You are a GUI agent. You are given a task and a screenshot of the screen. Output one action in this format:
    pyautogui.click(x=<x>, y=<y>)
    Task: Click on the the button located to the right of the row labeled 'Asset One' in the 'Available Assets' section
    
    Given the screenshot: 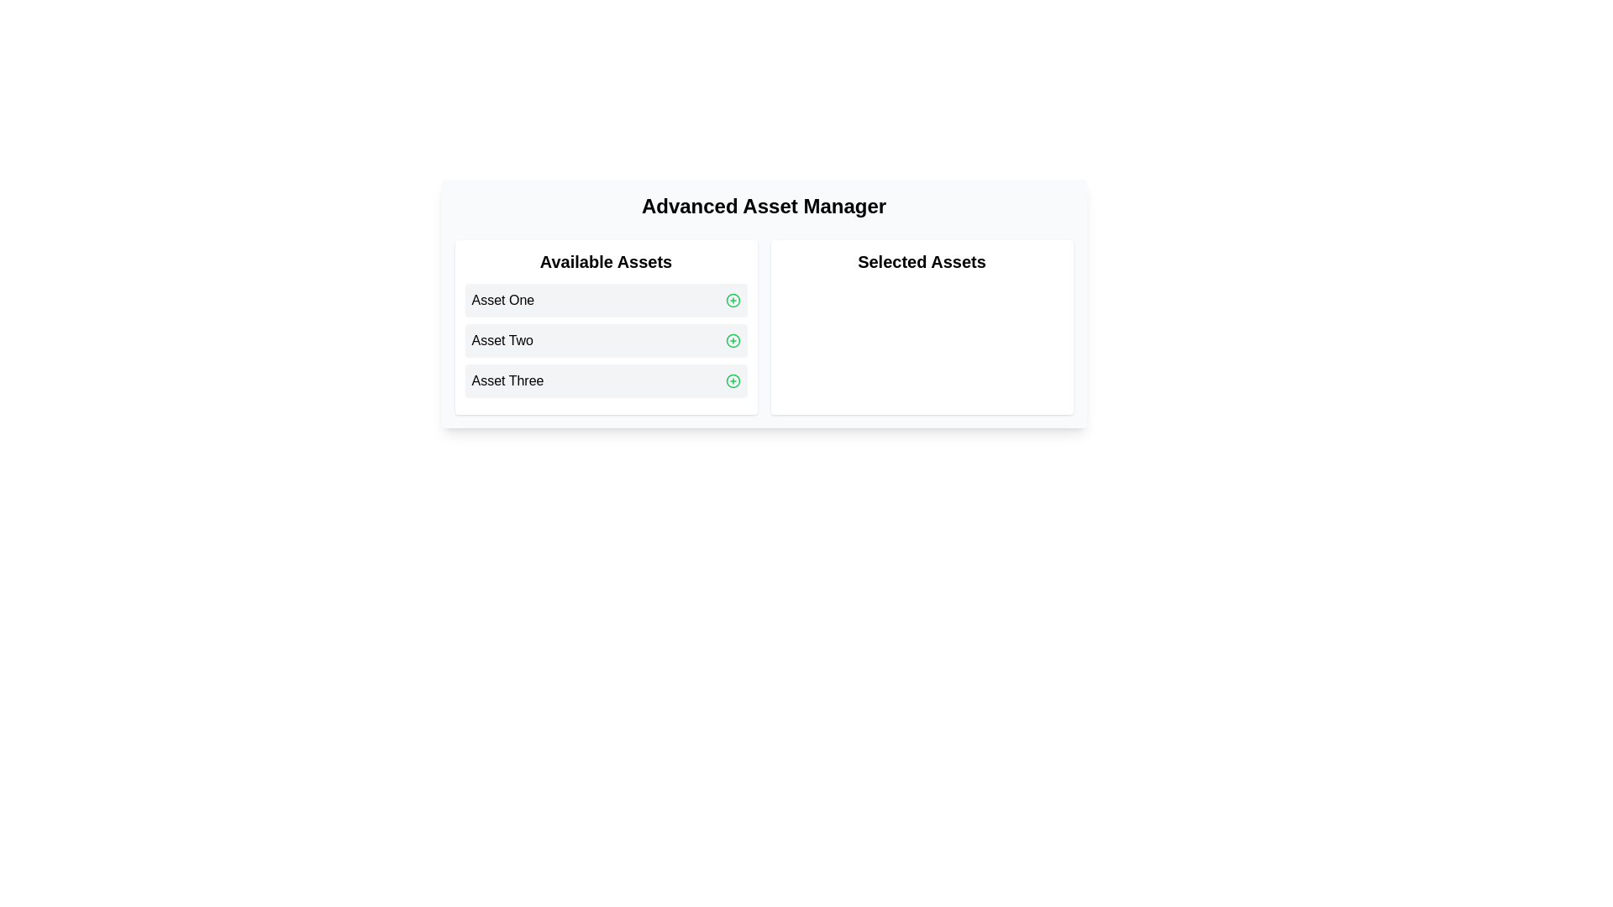 What is the action you would take?
    pyautogui.click(x=733, y=300)
    